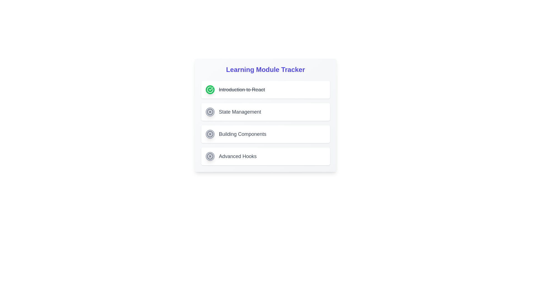 This screenshot has width=533, height=300. Describe the element at coordinates (236, 134) in the screenshot. I see `text label 'Building Components' which is styled in medium font weight and gray color, located in the center-right region of a white card, adjacent to a circular graphical icon` at that location.